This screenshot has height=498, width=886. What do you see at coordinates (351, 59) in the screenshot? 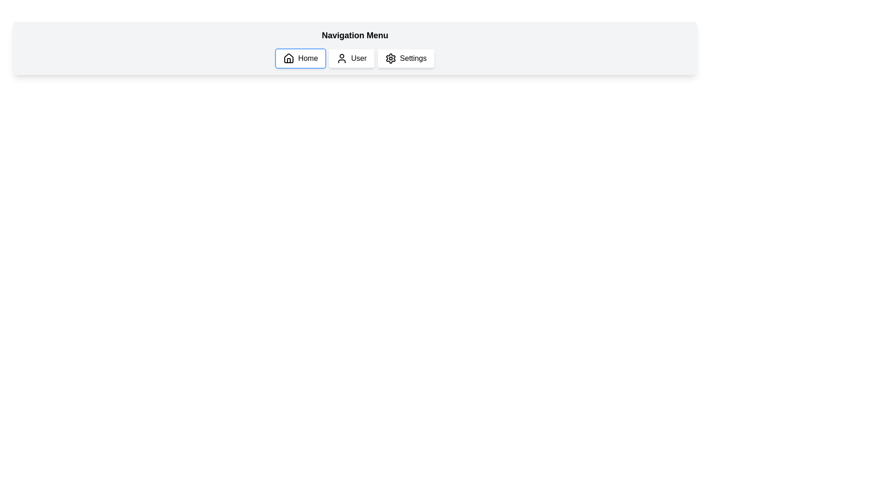
I see `the 'User' button, which is the second button in the horizontal navigation bar` at bounding box center [351, 59].